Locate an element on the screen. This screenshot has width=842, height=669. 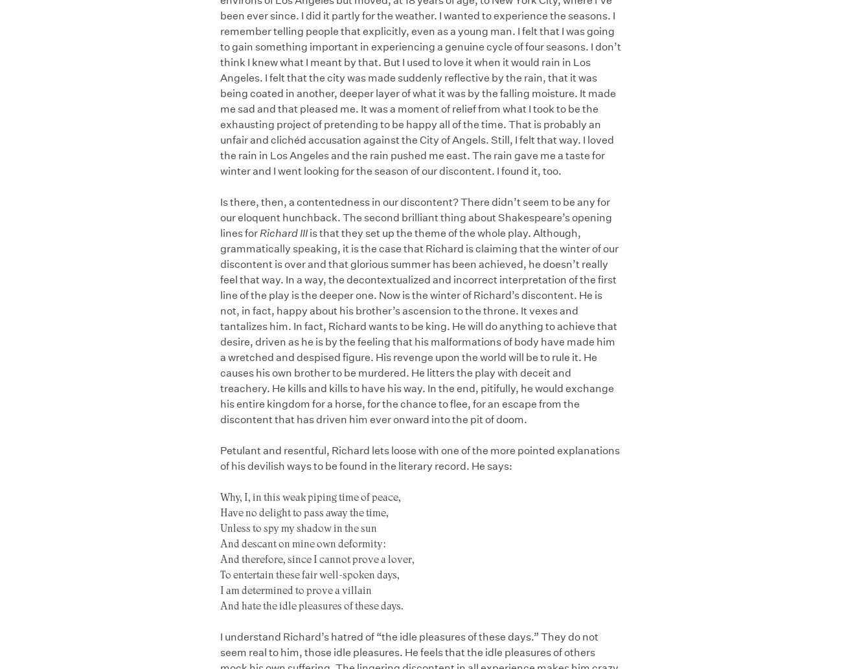
'Have no delight to pass away the time,' is located at coordinates (219, 511).